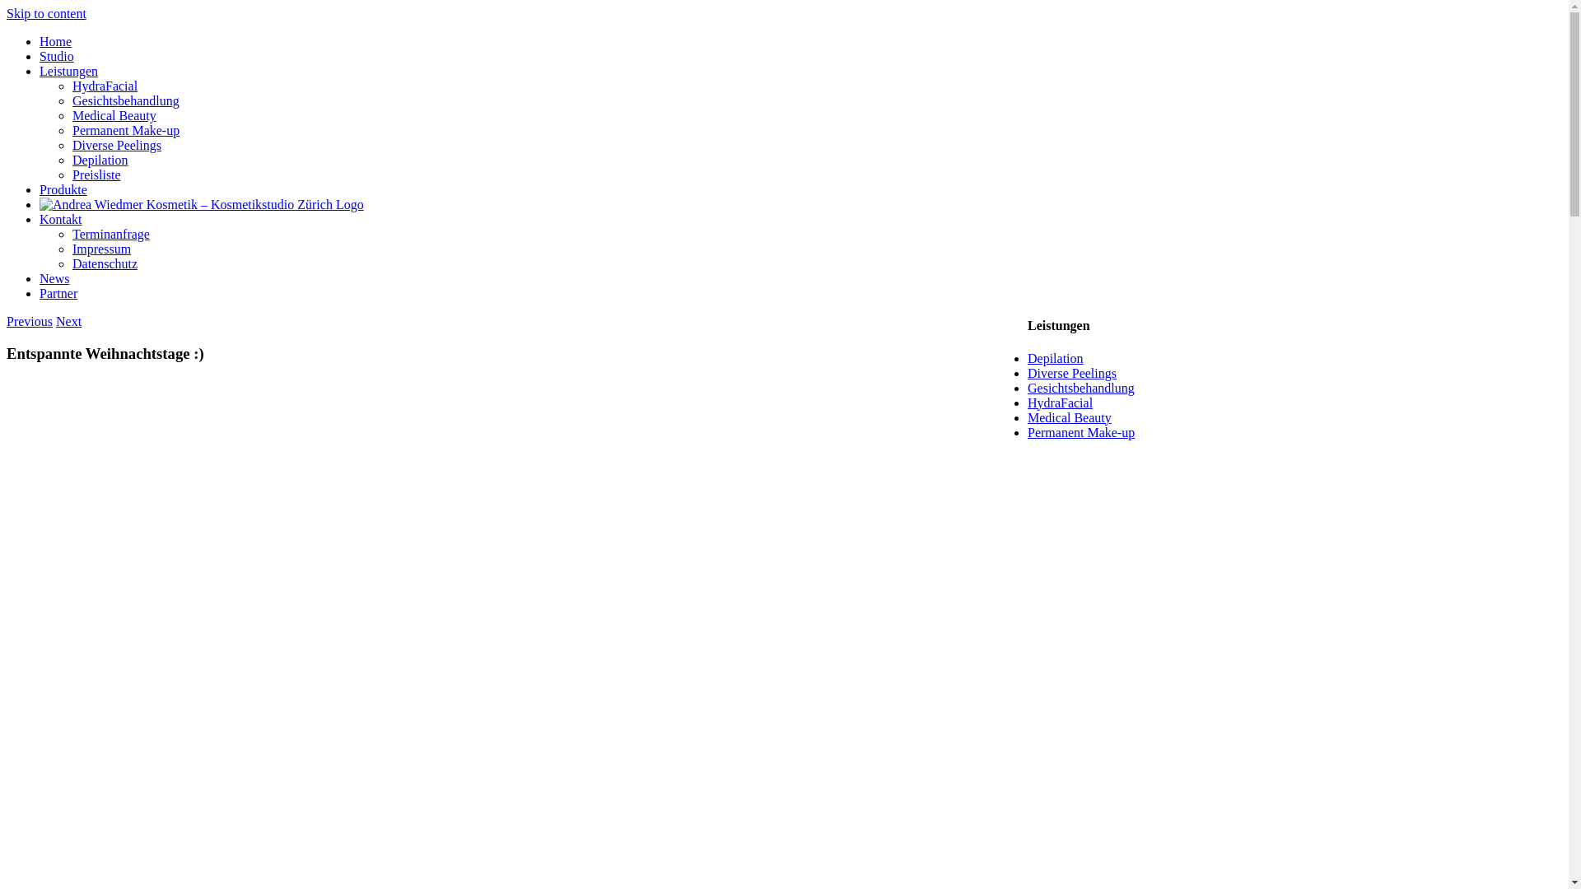  What do you see at coordinates (104, 86) in the screenshot?
I see `'HydraFacial'` at bounding box center [104, 86].